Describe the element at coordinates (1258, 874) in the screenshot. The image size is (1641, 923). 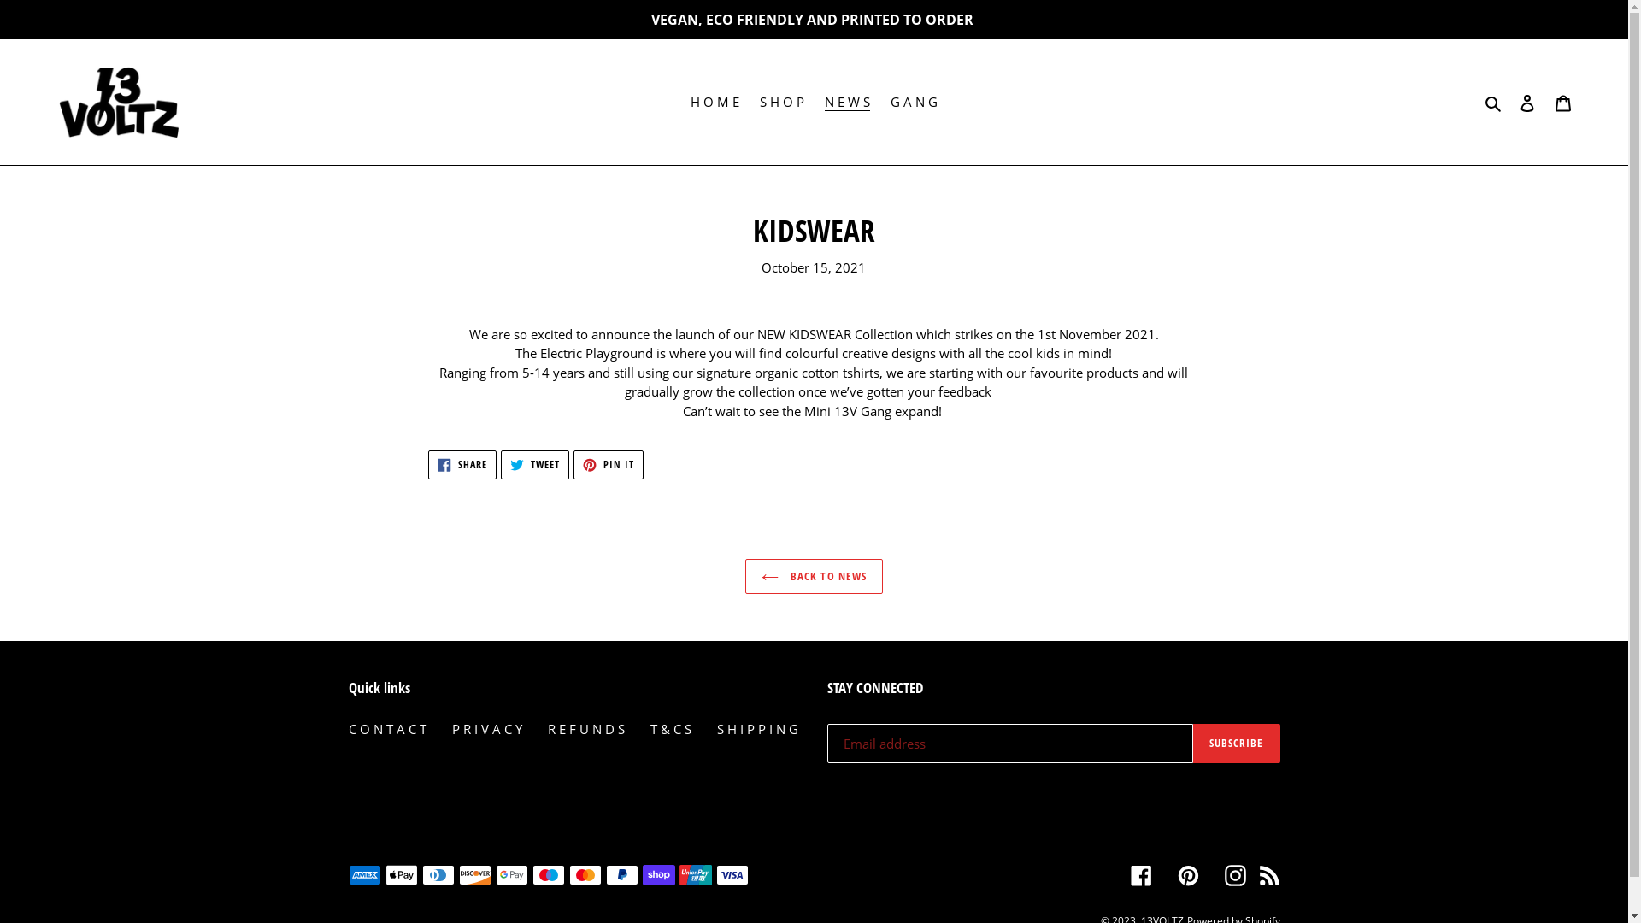
I see `'RSS'` at that location.